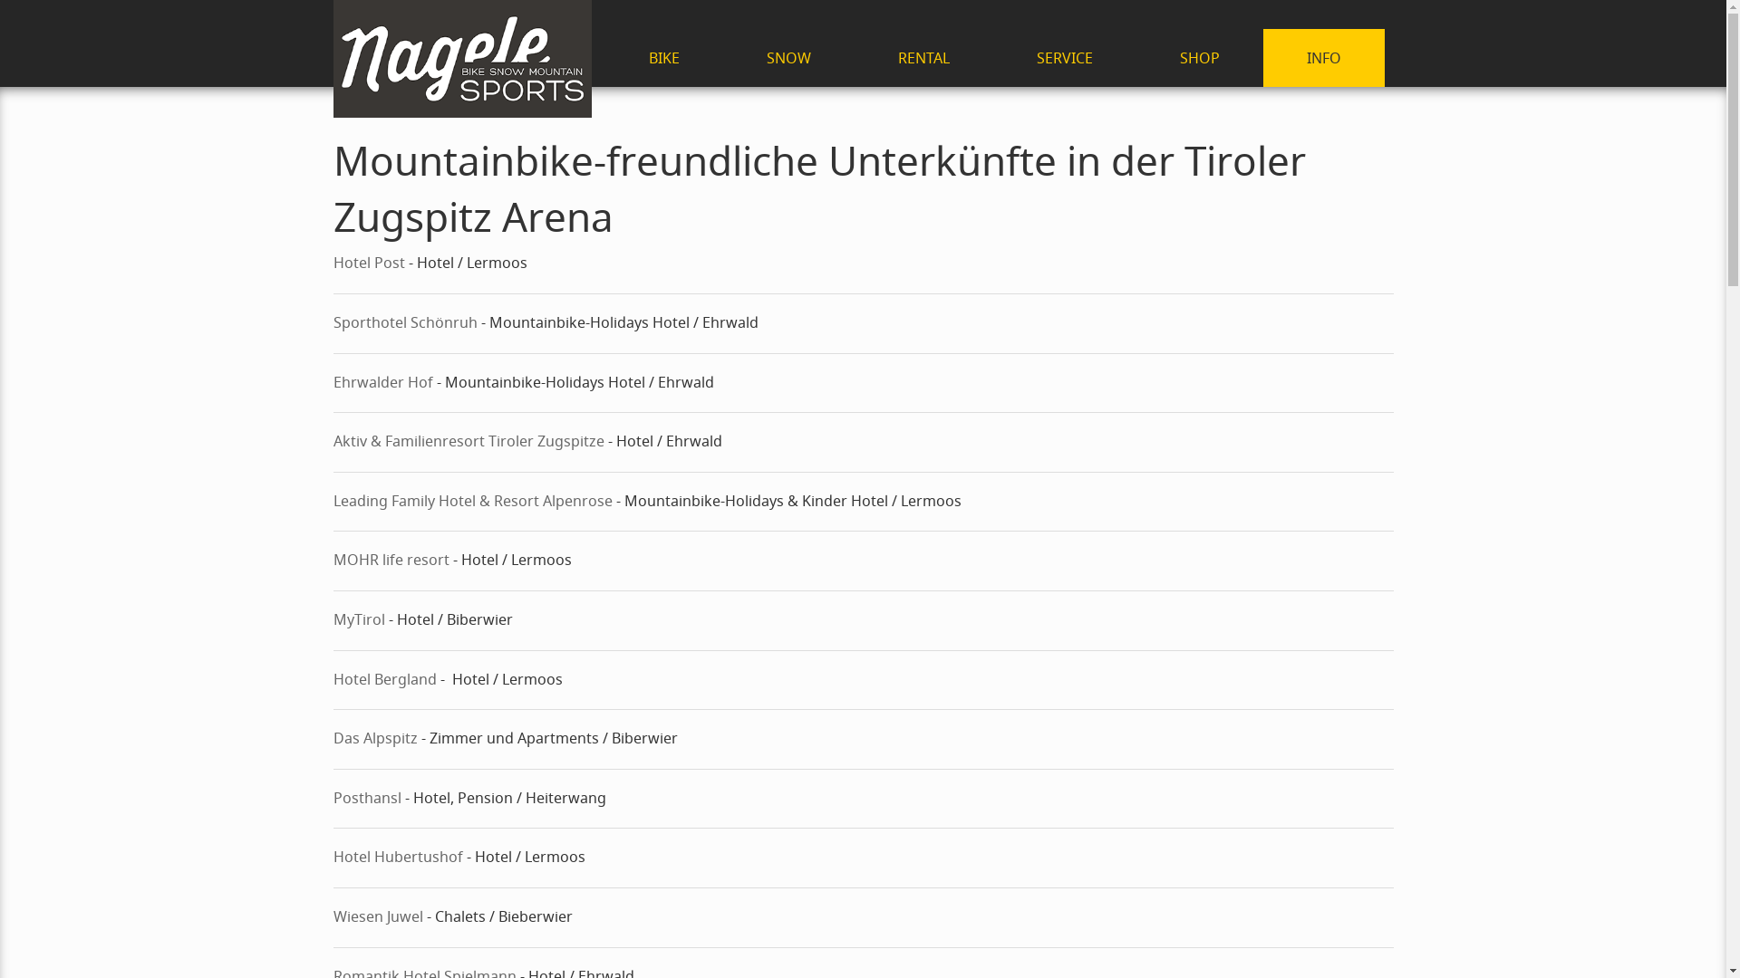 The image size is (1740, 978). Describe the element at coordinates (663, 57) in the screenshot. I see `'BIKE'` at that location.